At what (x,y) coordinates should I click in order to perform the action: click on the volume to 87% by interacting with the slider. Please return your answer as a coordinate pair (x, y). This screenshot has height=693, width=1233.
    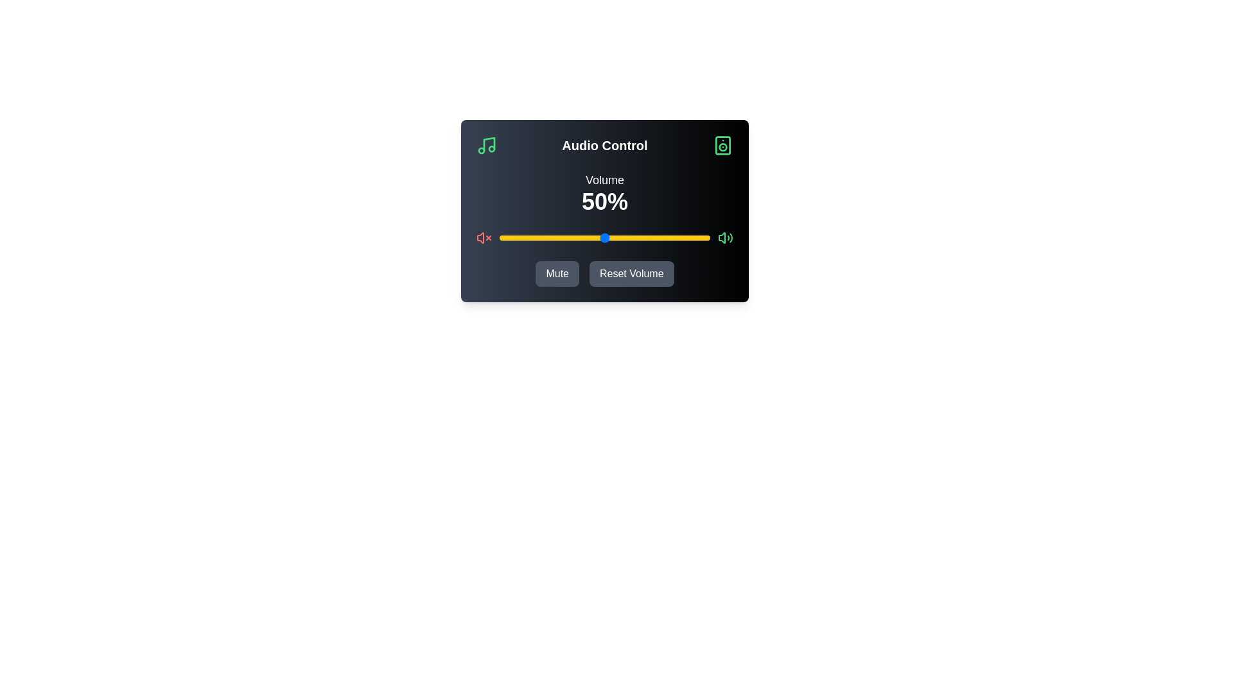
    Looking at the image, I should click on (682, 237).